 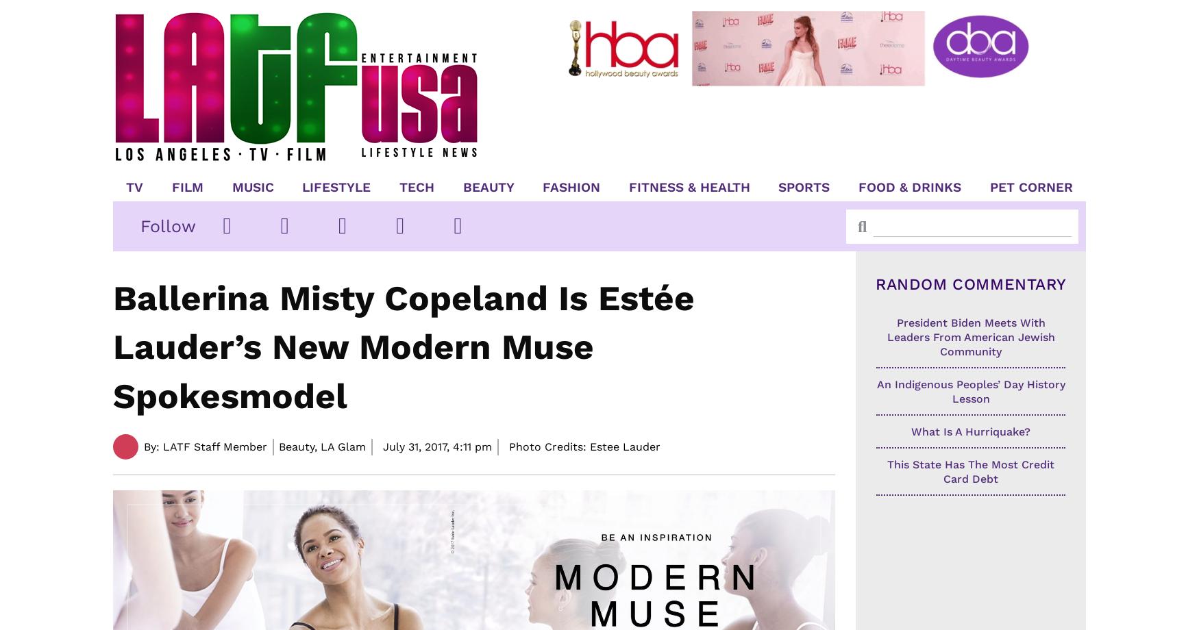 What do you see at coordinates (969, 391) in the screenshot?
I see `'An Indigenous Peoples’ Day History Lesson'` at bounding box center [969, 391].